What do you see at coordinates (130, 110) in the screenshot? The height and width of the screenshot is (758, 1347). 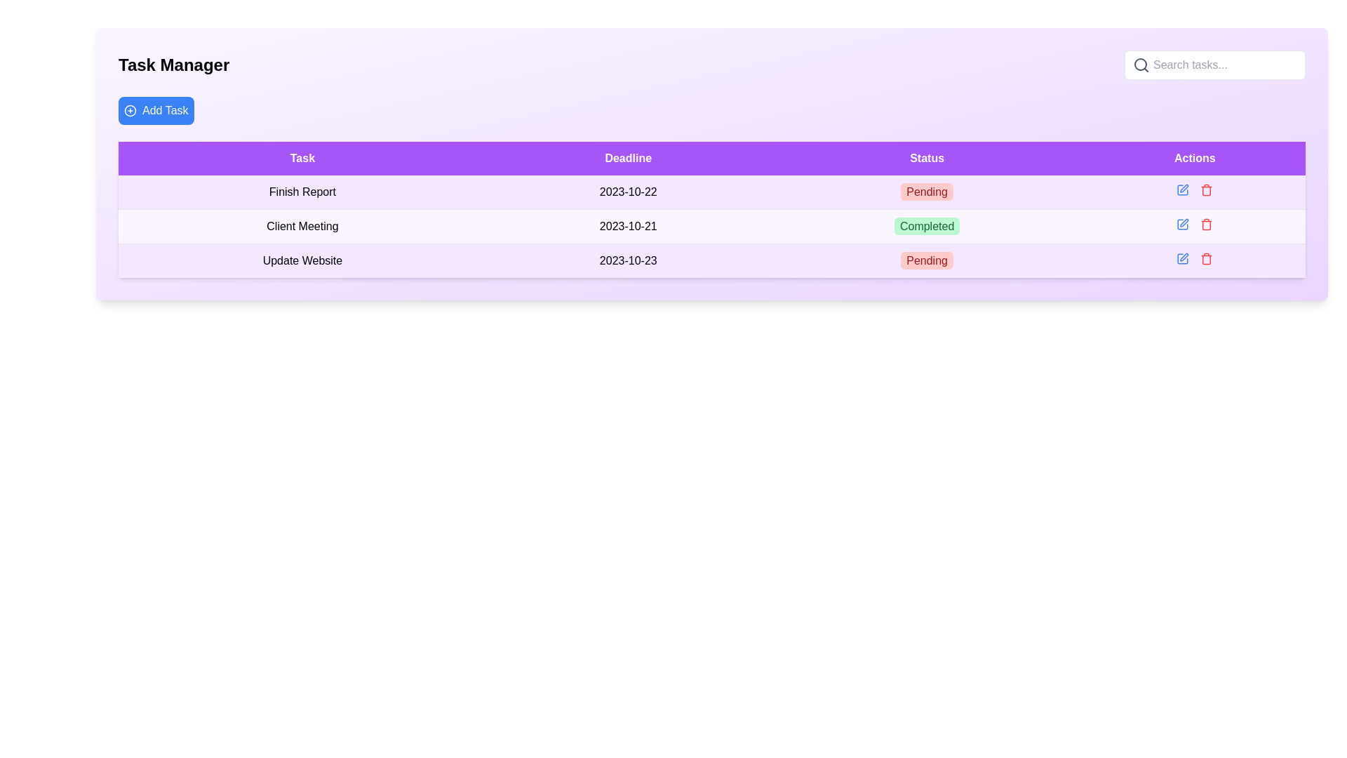 I see `the SVG icon resembling a circular design with a '+' symbol, located to the left of the 'Add Task' button` at bounding box center [130, 110].